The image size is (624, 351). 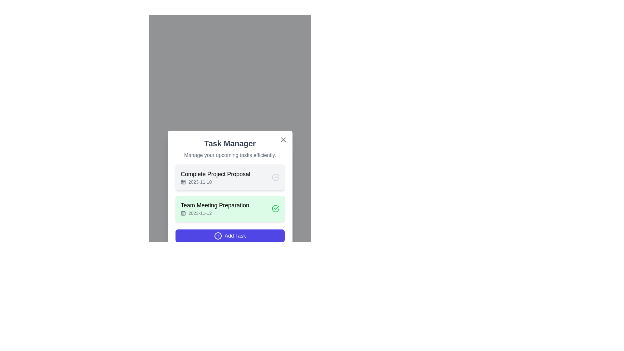 What do you see at coordinates (277, 208) in the screenshot?
I see `the green checkmark icon indicating completed status next to 'Team Meeting Preparation' in the Task Manager dialog box` at bounding box center [277, 208].